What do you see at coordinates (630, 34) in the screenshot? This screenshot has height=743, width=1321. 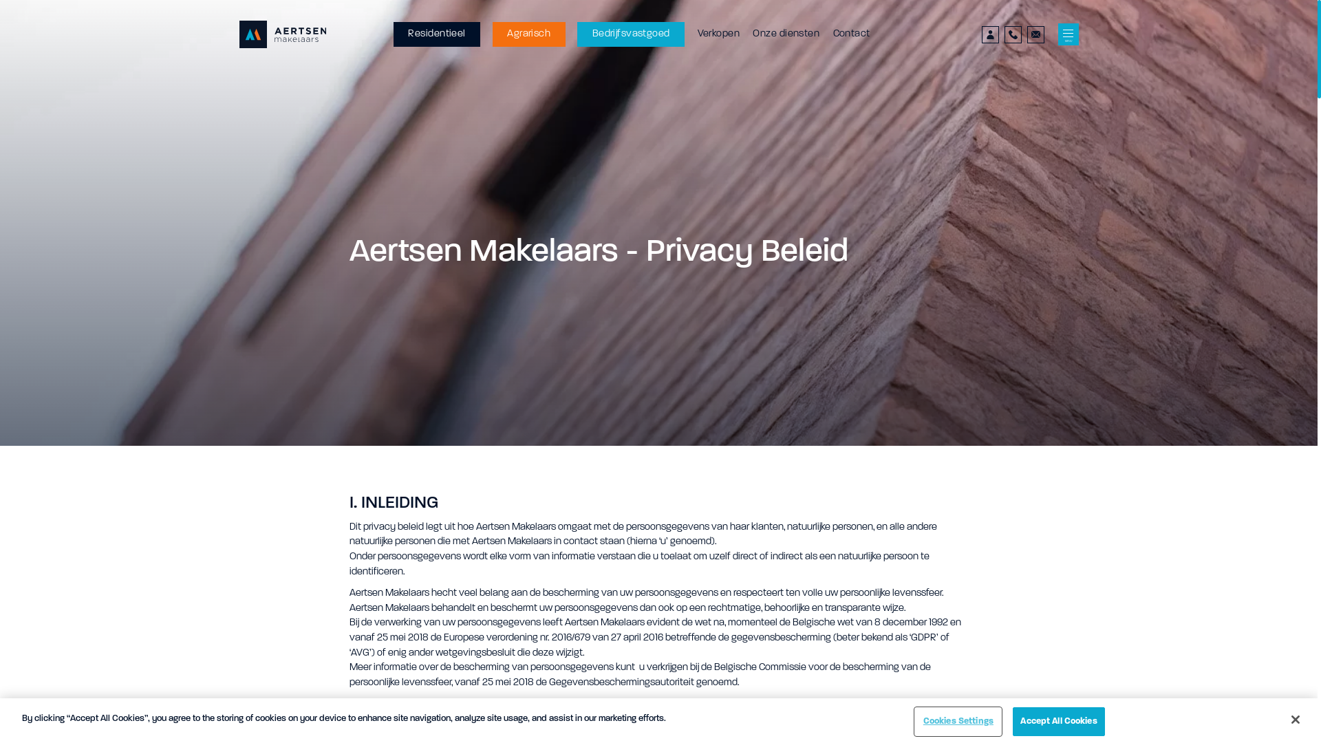 I see `'Bedrijfsvastgoed'` at bounding box center [630, 34].